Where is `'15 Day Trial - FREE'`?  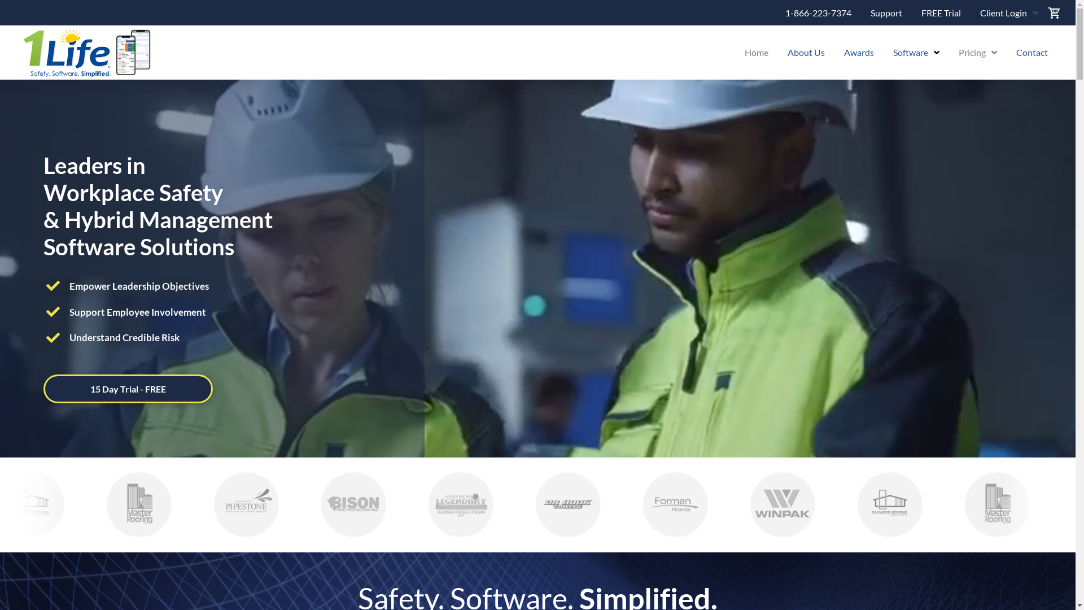
'15 Day Trial - FREE' is located at coordinates (128, 387).